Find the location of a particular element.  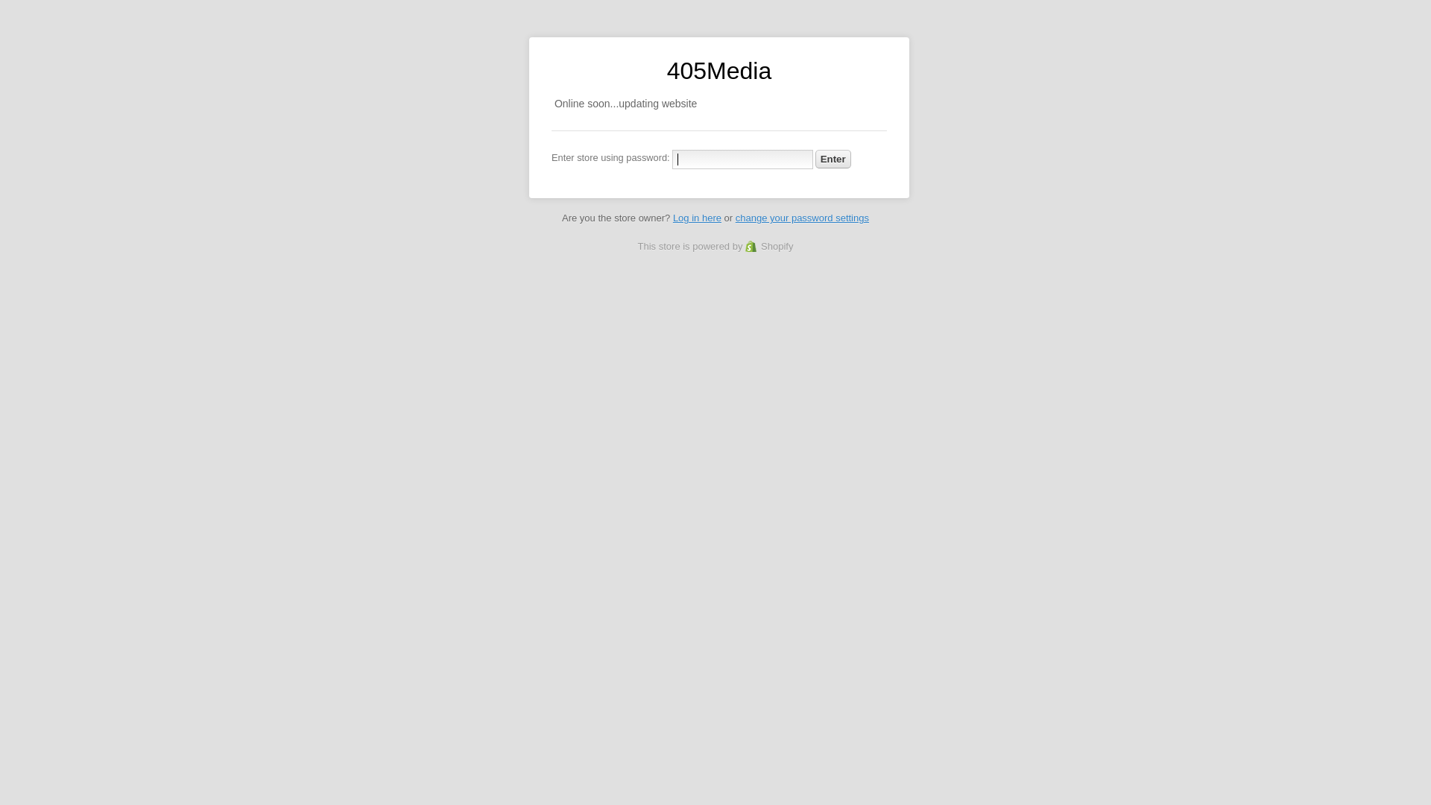

'Log in here' is located at coordinates (696, 218).